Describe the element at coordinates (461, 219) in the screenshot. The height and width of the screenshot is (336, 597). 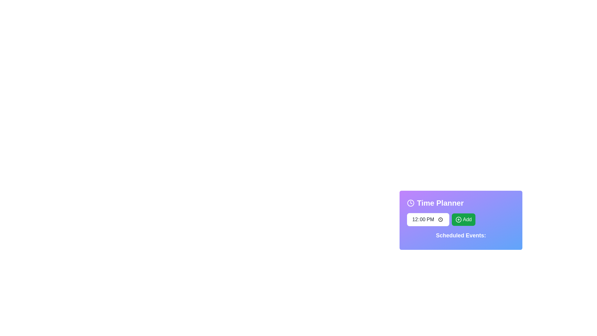
I see `the 'Add' button with a green background and white text, located to the right of the '12:00 PM' time input field in the 'Time Planner' section` at that location.